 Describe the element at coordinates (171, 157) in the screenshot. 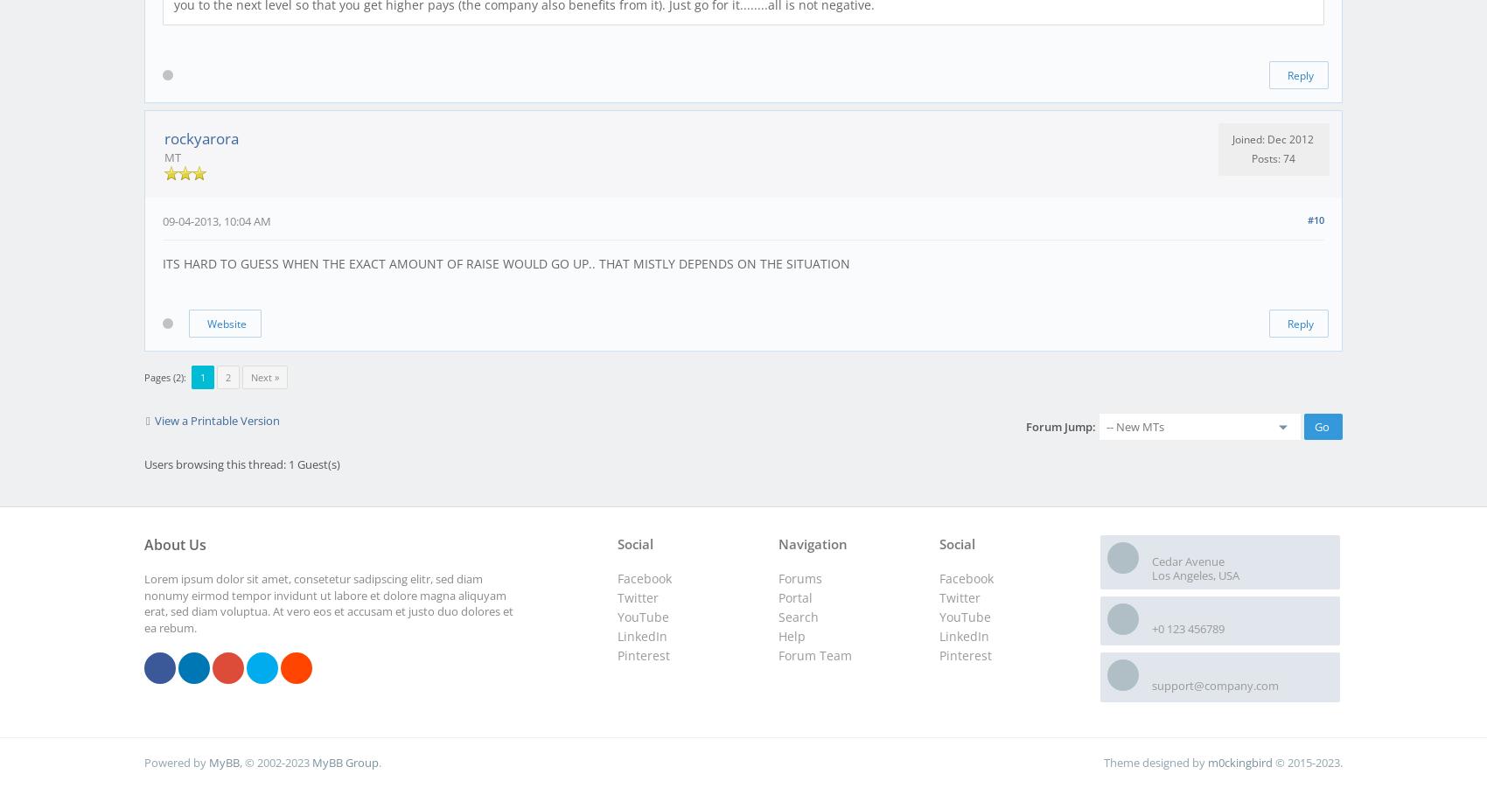

I see `'MT'` at that location.